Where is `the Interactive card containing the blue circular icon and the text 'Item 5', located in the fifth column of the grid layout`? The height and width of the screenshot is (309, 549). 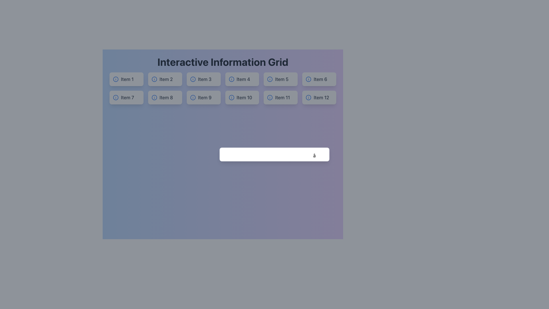
the Interactive card containing the blue circular icon and the text 'Item 5', located in the fifth column of the grid layout is located at coordinates (281, 79).